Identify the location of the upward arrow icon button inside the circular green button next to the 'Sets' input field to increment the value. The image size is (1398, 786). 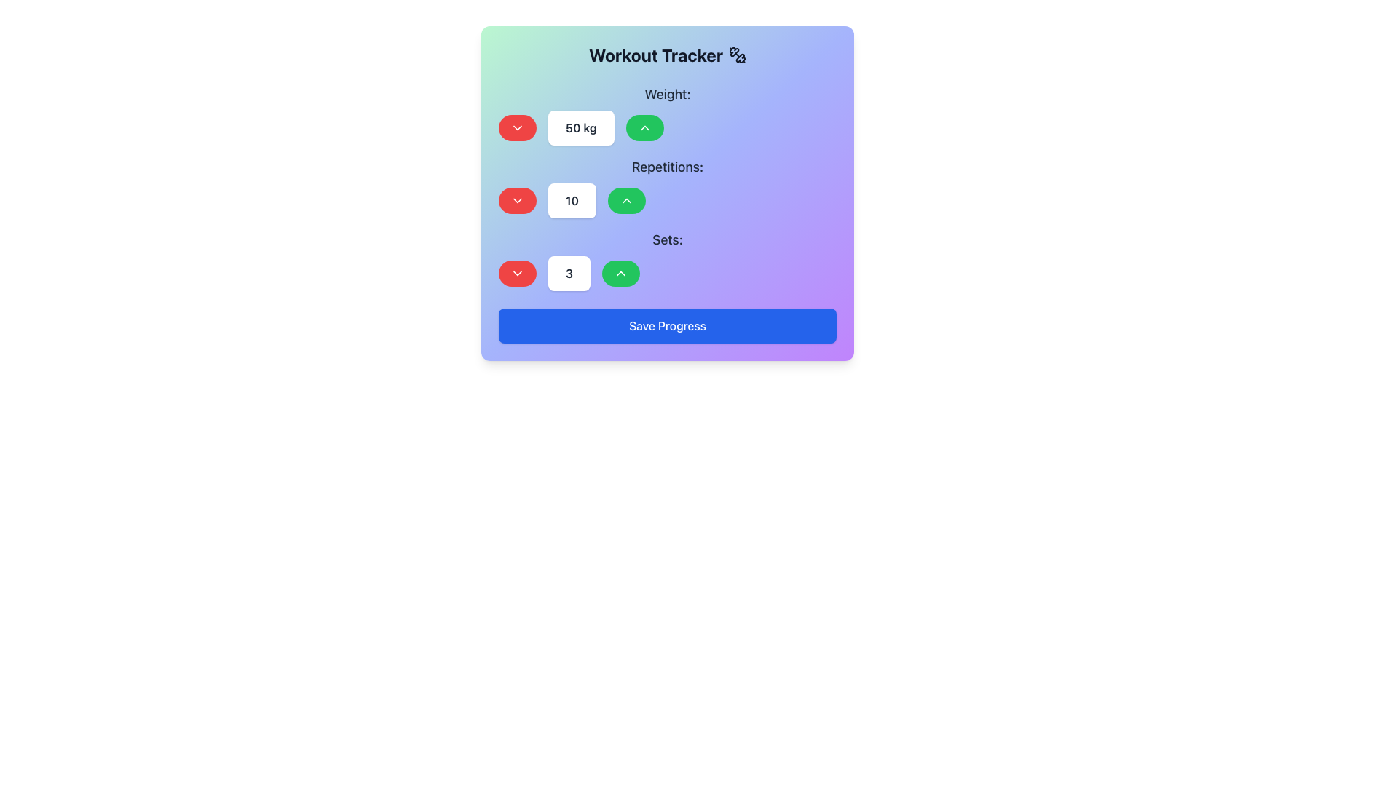
(621, 273).